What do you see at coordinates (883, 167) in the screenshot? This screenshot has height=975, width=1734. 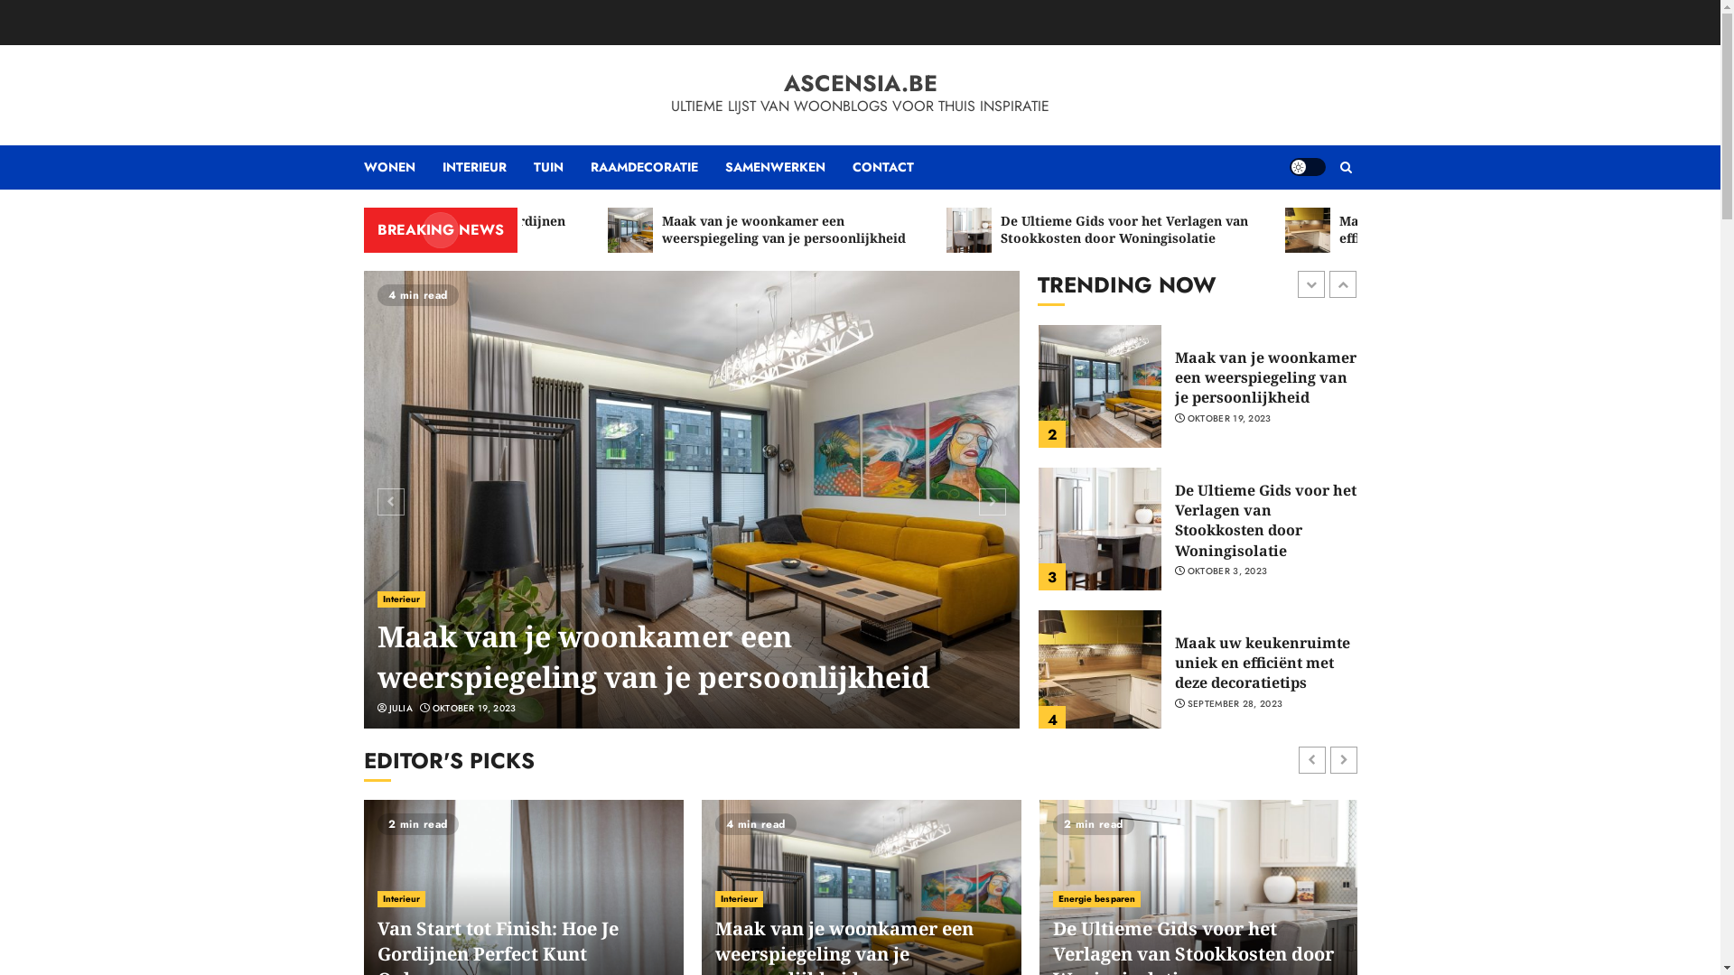 I see `'CONTACT'` at bounding box center [883, 167].